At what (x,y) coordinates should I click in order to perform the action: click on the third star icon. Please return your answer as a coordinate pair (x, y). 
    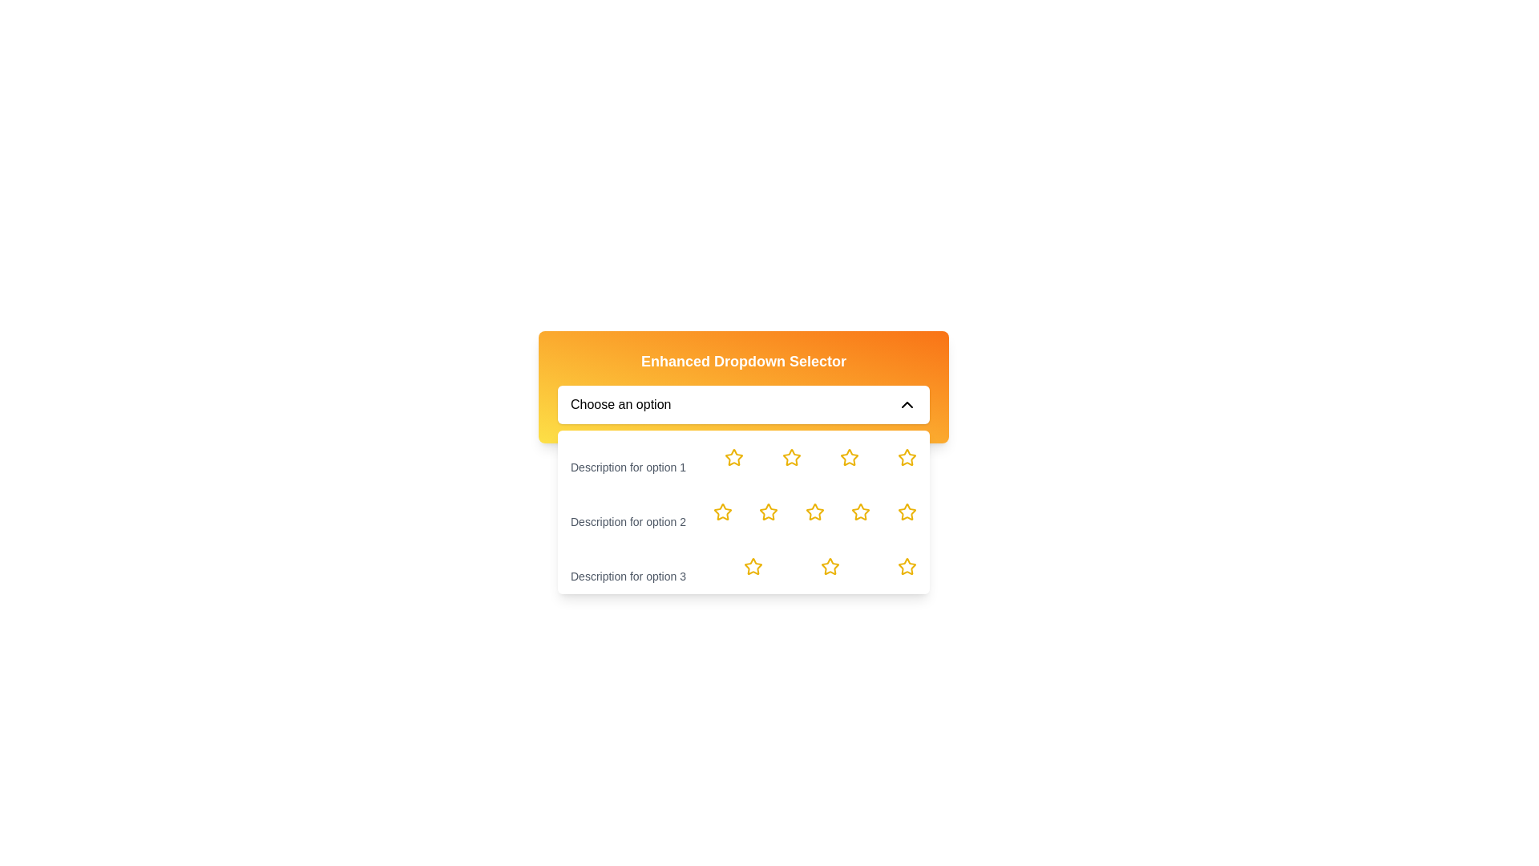
    Looking at the image, I should click on (768, 512).